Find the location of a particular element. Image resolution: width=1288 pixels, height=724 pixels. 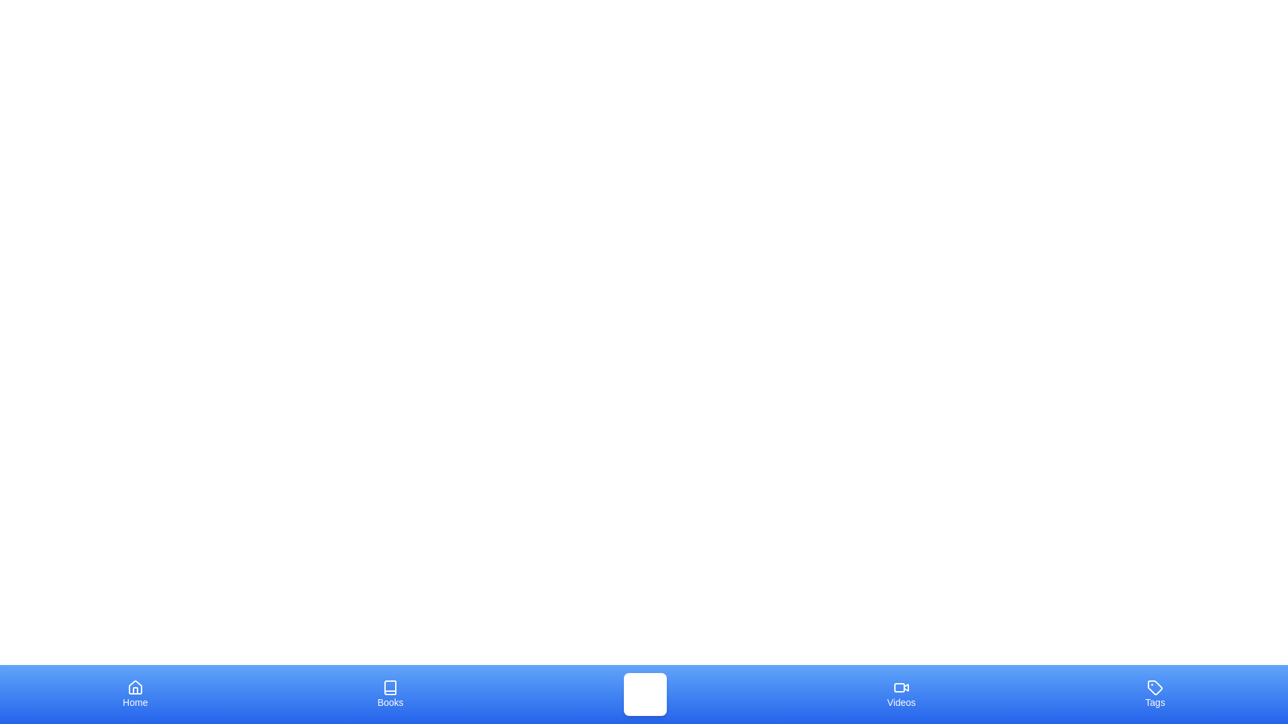

the Books tab to activate it is located at coordinates (390, 694).